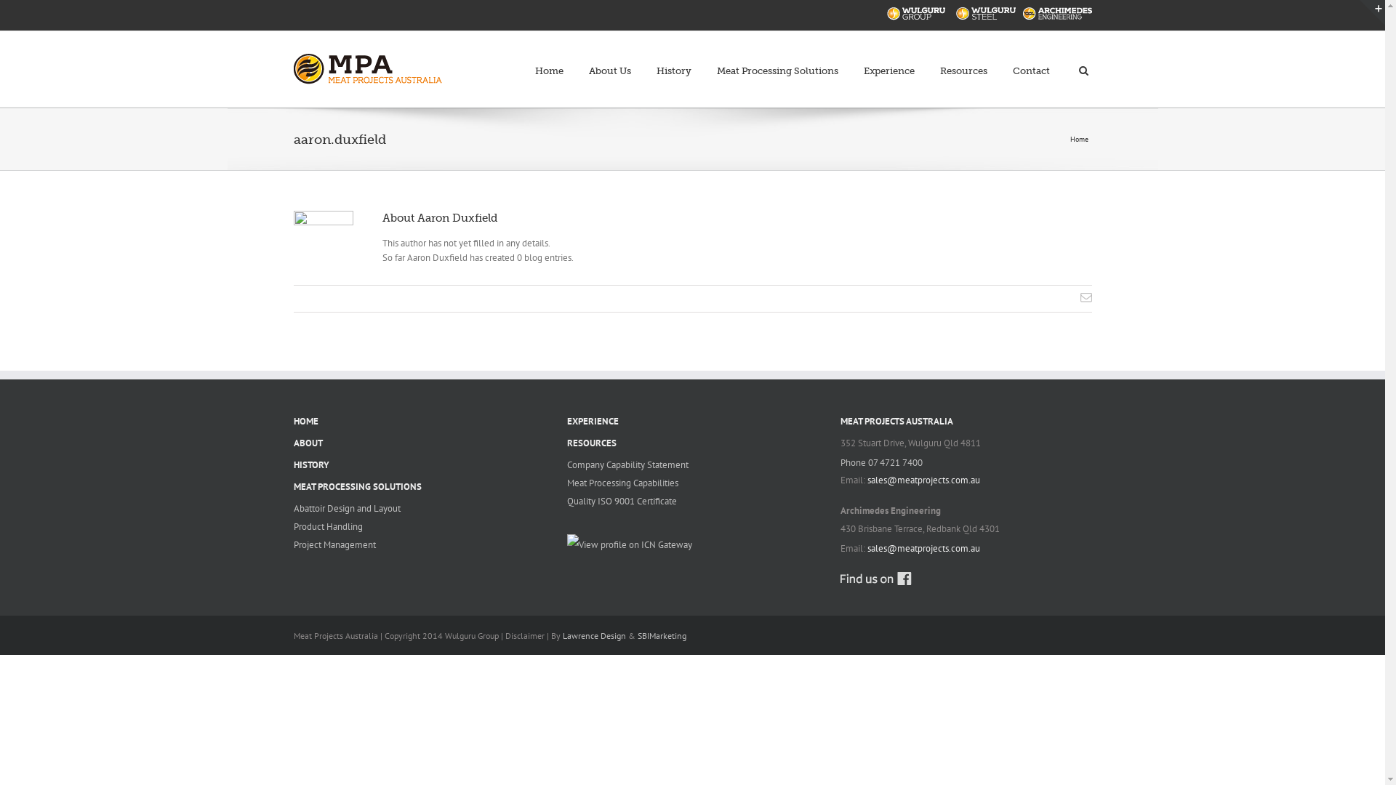 This screenshot has height=785, width=1396. What do you see at coordinates (610, 61) in the screenshot?
I see `'About Us'` at bounding box center [610, 61].